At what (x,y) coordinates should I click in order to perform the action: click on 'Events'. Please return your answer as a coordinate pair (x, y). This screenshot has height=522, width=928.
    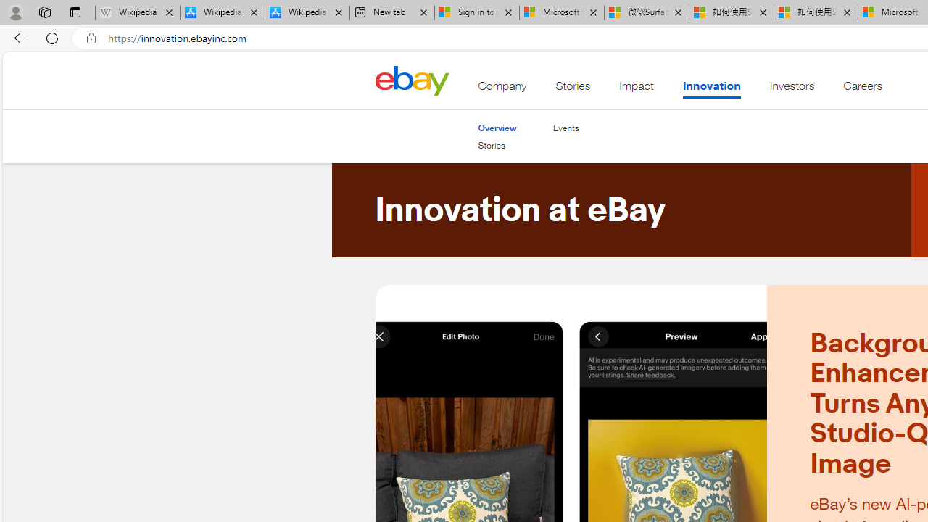
    Looking at the image, I should click on (565, 128).